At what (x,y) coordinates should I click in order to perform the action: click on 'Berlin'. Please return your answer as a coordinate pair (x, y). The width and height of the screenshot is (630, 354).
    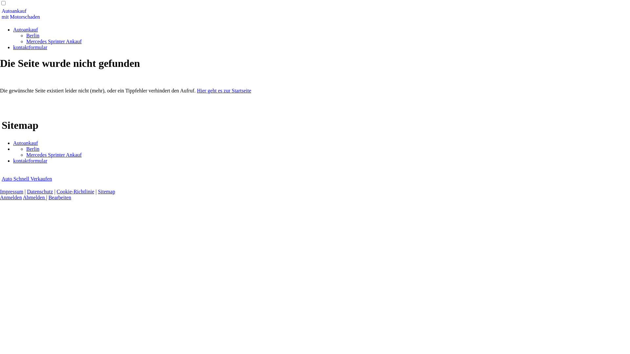
    Looking at the image, I should click on (26, 35).